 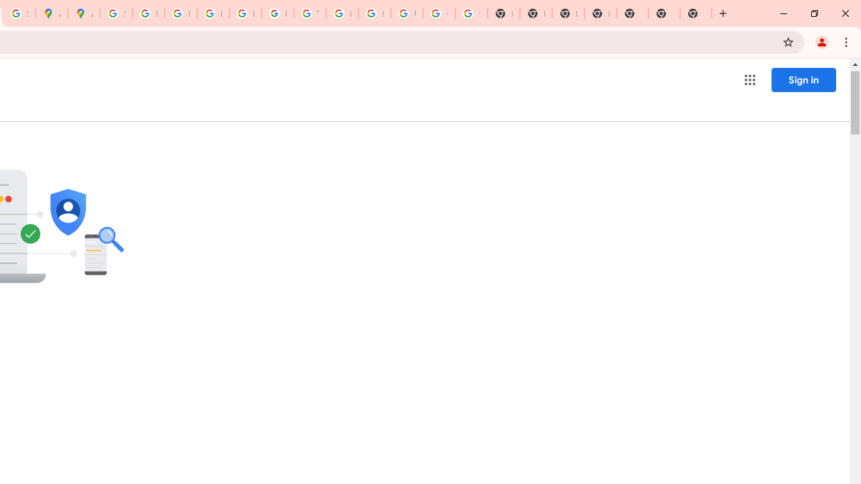 I want to click on 'Privacy Help Center - Policies Help', so click(x=180, y=13).